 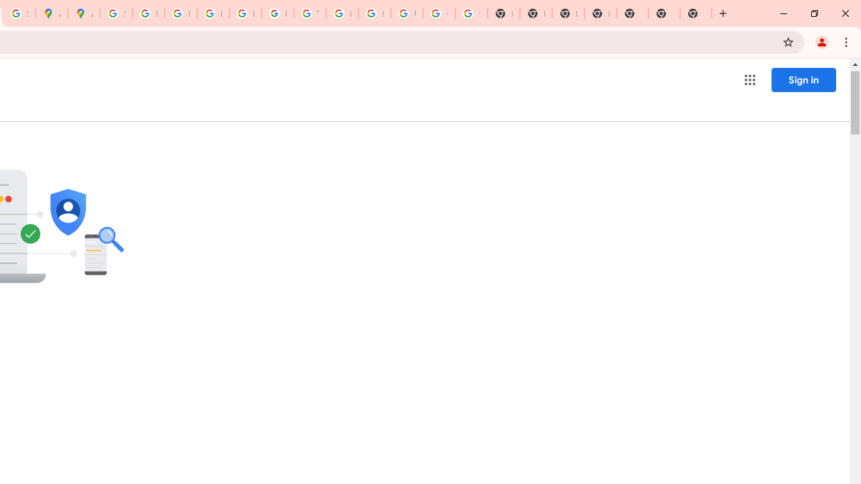 I want to click on 'Privacy Help Center - Policies Help', so click(x=180, y=13).